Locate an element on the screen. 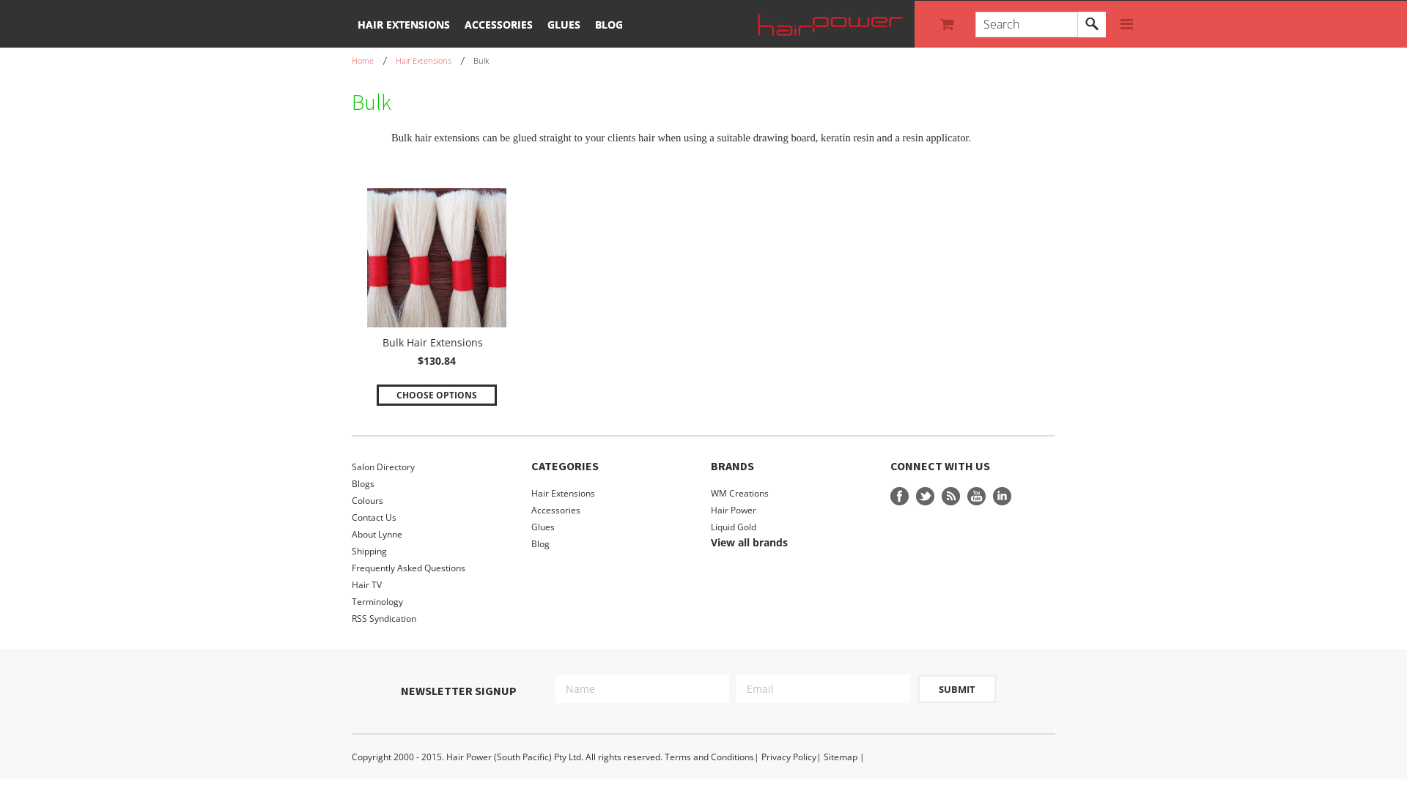 The height and width of the screenshot is (791, 1407). 'WM Creations' is located at coordinates (739, 493).